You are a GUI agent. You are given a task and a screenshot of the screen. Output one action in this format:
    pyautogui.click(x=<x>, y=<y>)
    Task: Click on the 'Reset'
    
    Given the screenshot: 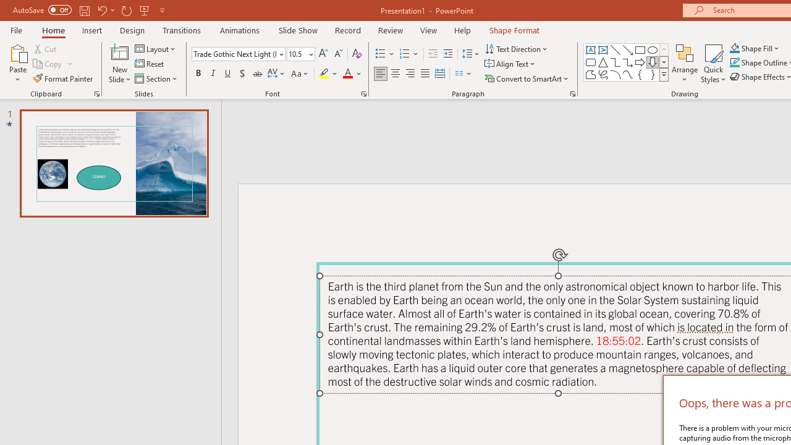 What is the action you would take?
    pyautogui.click(x=150, y=64)
    